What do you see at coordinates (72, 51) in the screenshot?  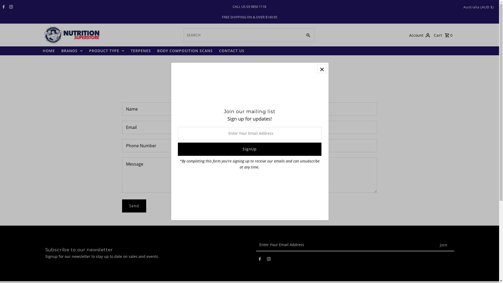 I see `'BRANDS'` at bounding box center [72, 51].